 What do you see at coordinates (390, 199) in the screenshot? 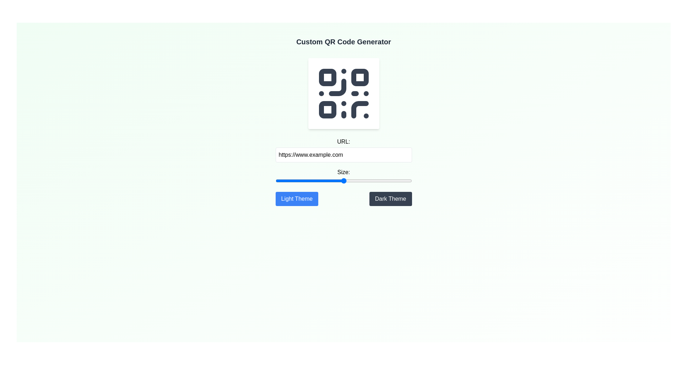
I see `the theme toggle button located to the right of the 'Light Theme' button` at bounding box center [390, 199].